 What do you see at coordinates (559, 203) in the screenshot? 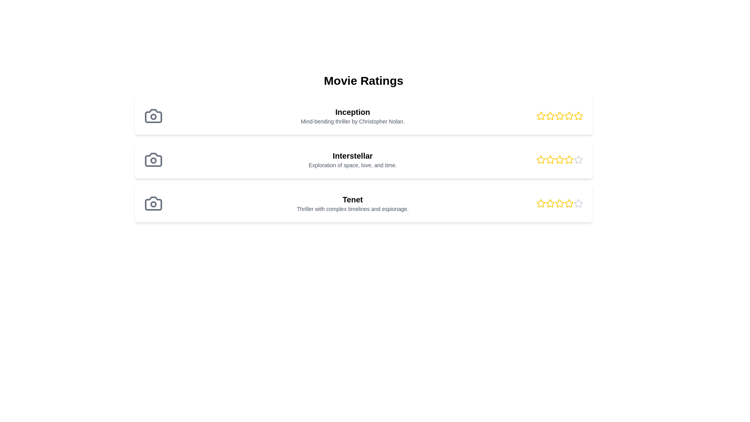
I see `the fourth star in the rating sequence for the movie 'Tenet'` at bounding box center [559, 203].